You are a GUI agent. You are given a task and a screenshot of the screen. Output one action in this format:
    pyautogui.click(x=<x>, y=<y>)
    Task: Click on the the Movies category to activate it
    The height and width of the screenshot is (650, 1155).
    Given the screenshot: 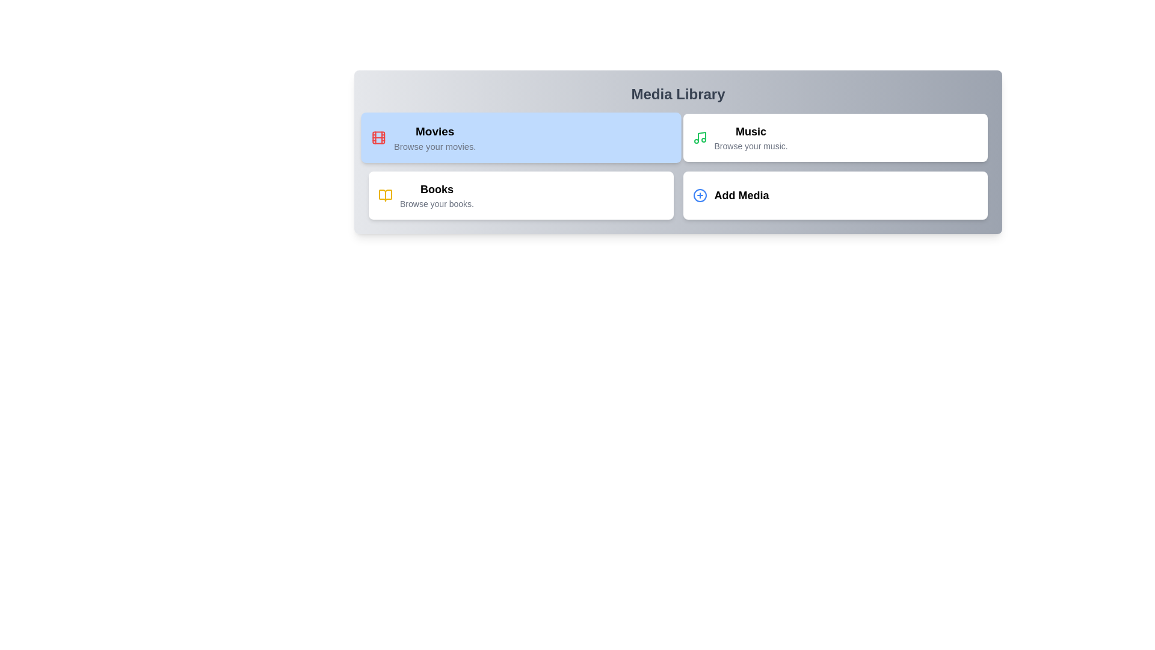 What is the action you would take?
    pyautogui.click(x=521, y=137)
    